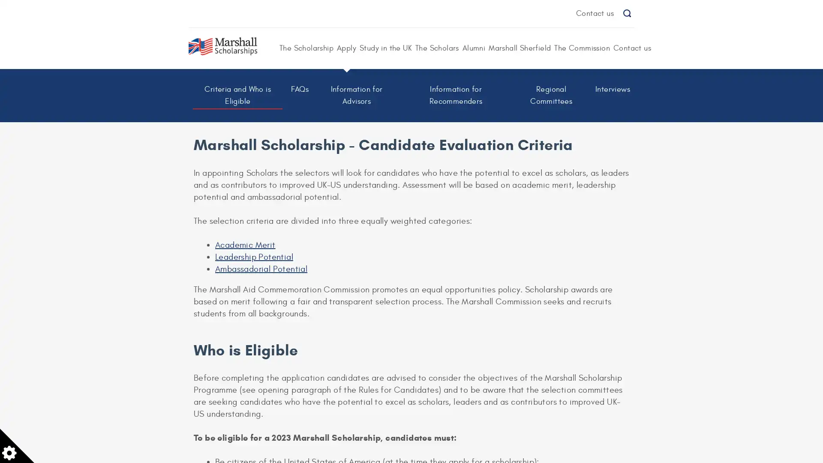  I want to click on Go, so click(627, 13).